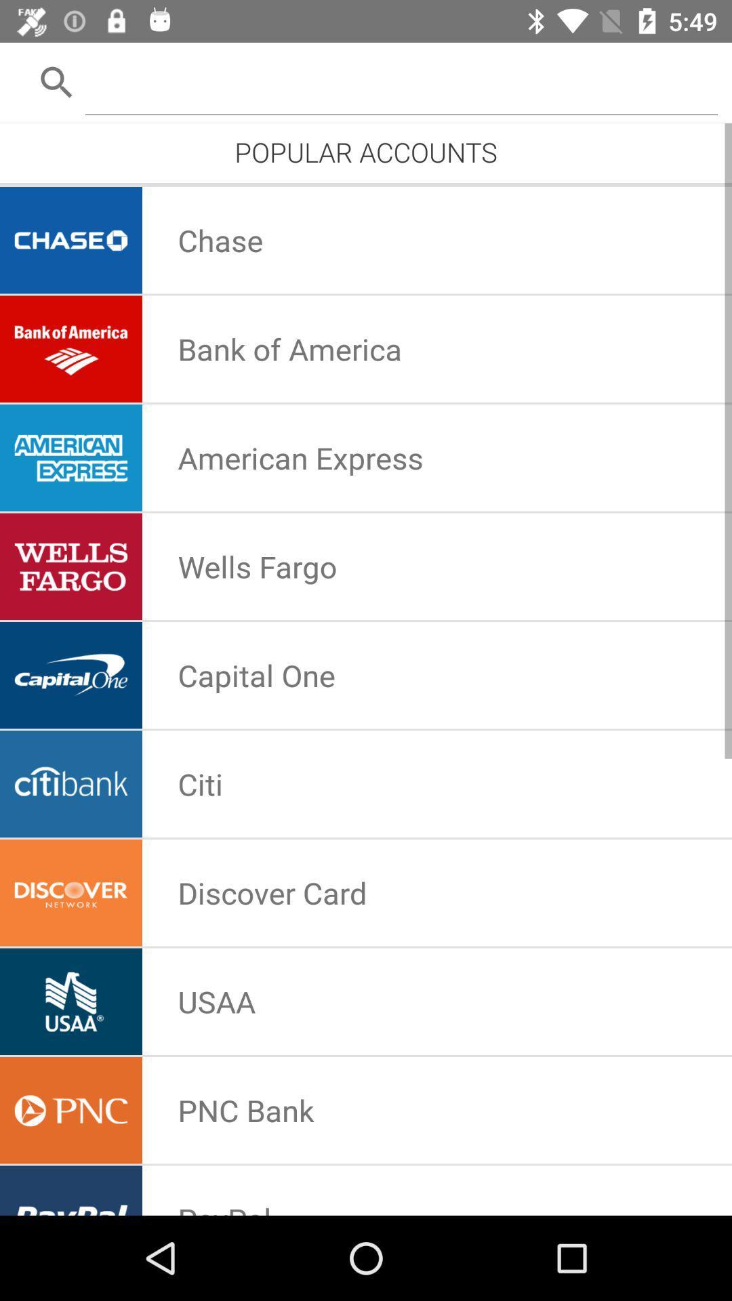 The height and width of the screenshot is (1301, 732). Describe the element at coordinates (200, 784) in the screenshot. I see `the app above discover card` at that location.